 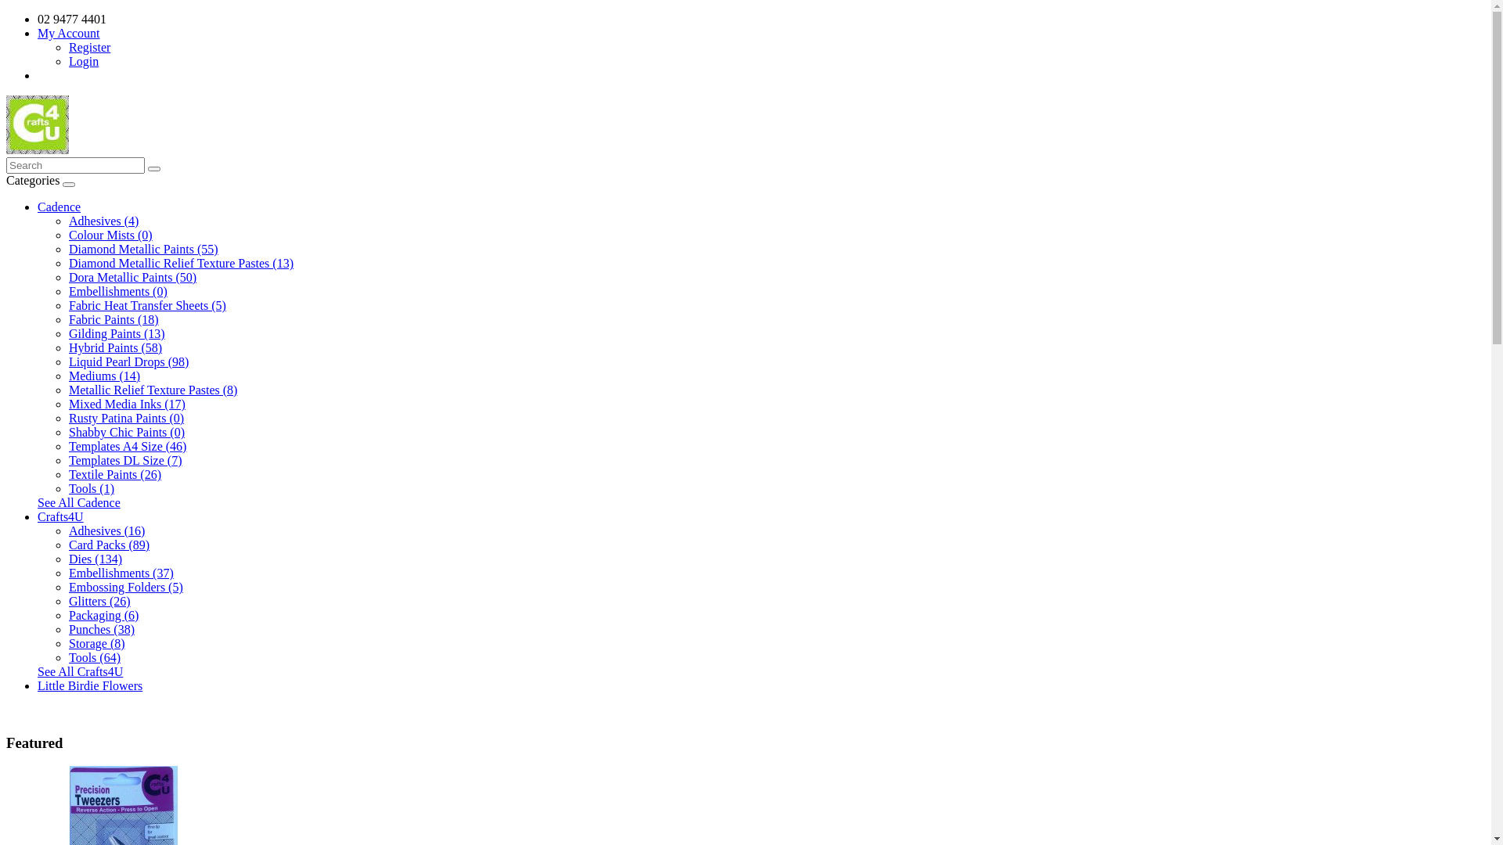 What do you see at coordinates (67, 614) in the screenshot?
I see `'Packaging (6)'` at bounding box center [67, 614].